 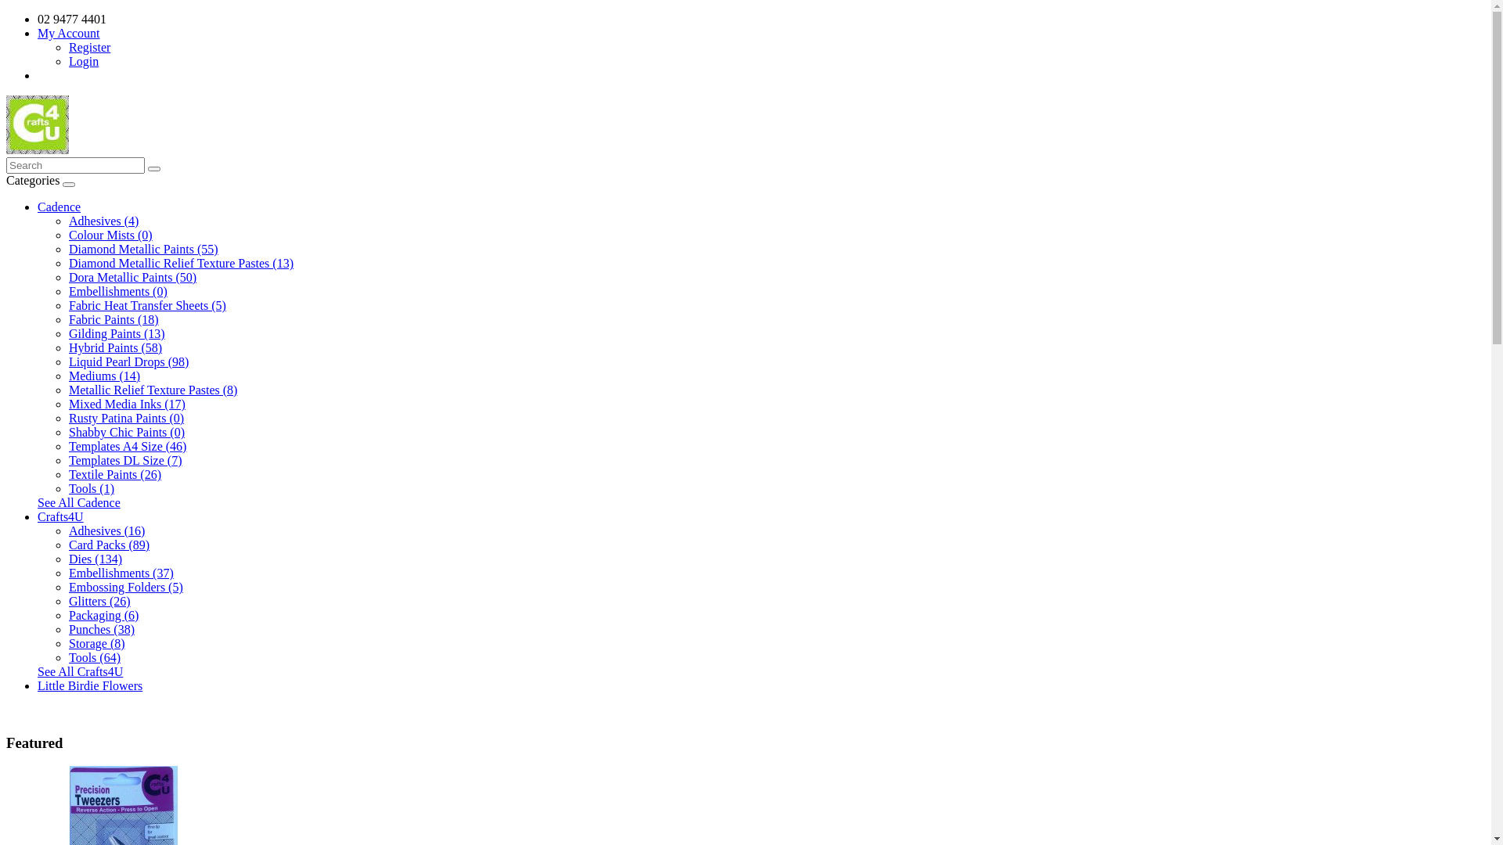 What do you see at coordinates (67, 614) in the screenshot?
I see `'Packaging (6)'` at bounding box center [67, 614].